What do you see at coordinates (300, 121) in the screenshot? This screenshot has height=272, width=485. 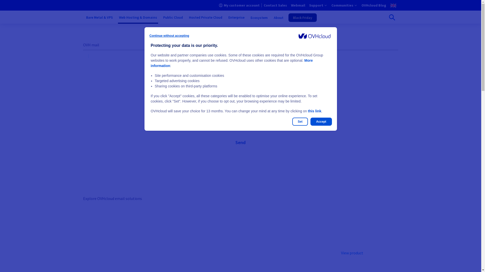 I see `'Set'` at bounding box center [300, 121].